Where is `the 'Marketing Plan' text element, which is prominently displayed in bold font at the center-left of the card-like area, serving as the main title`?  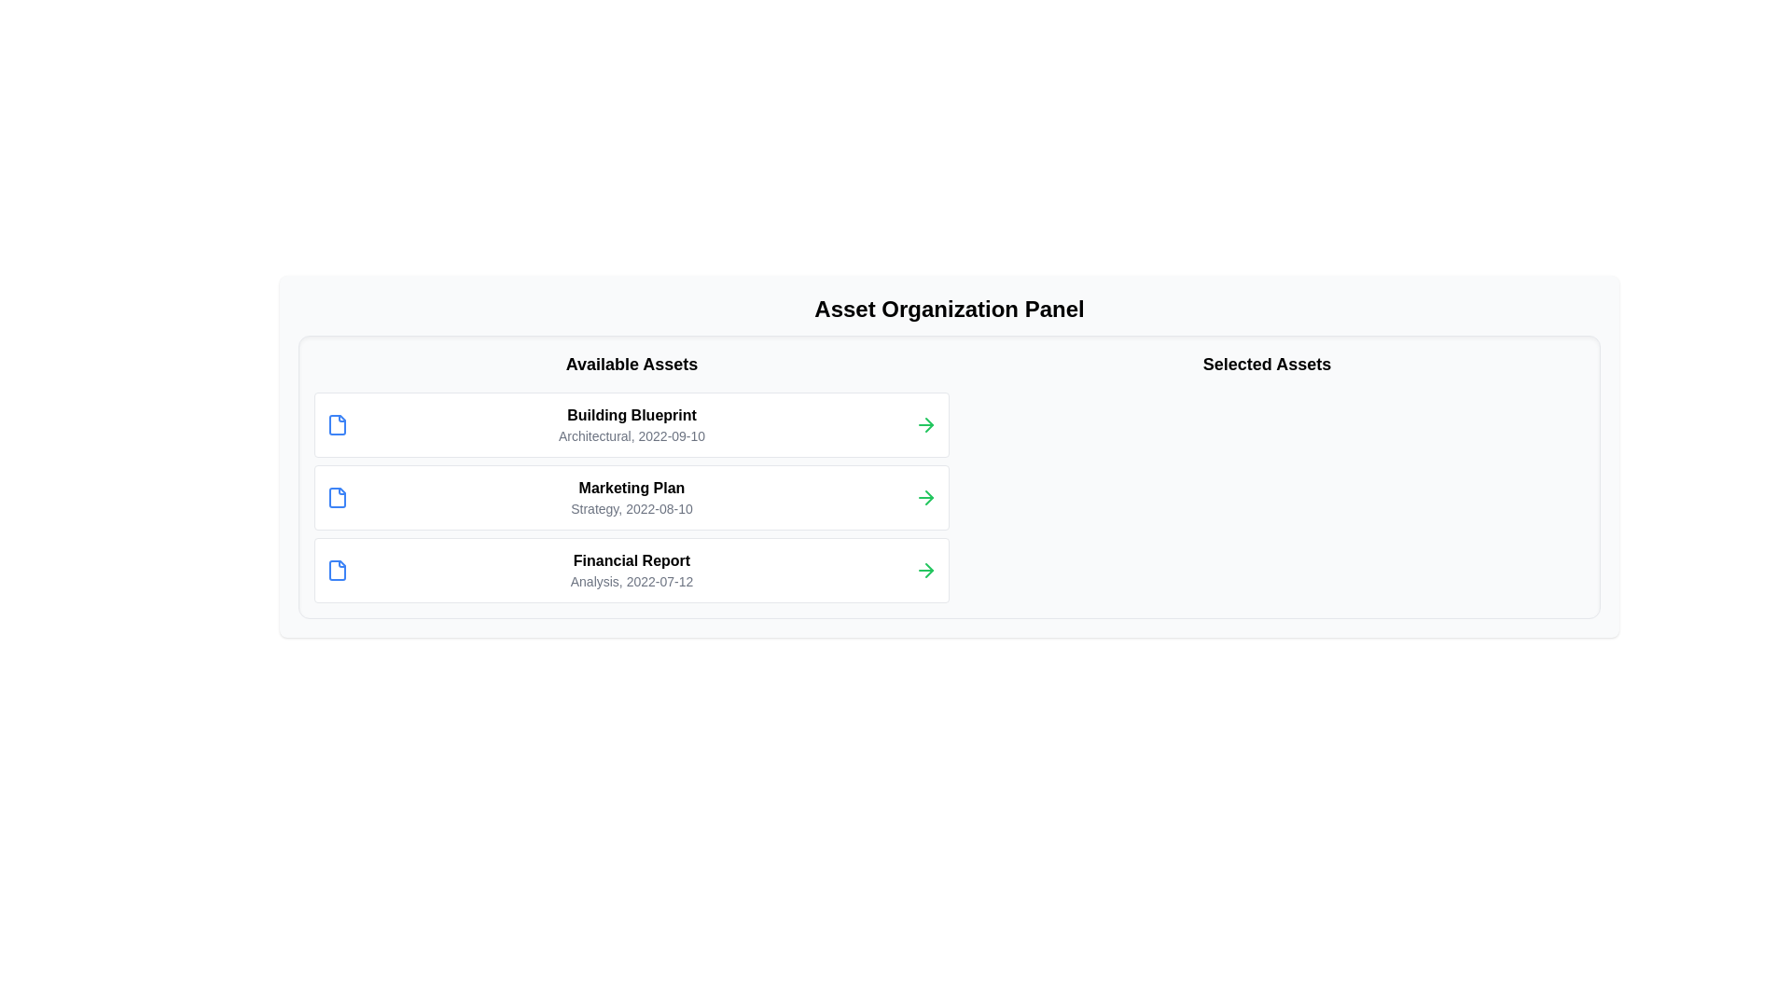 the 'Marketing Plan' text element, which is prominently displayed in bold font at the center-left of the card-like area, serving as the main title is located at coordinates (632, 488).